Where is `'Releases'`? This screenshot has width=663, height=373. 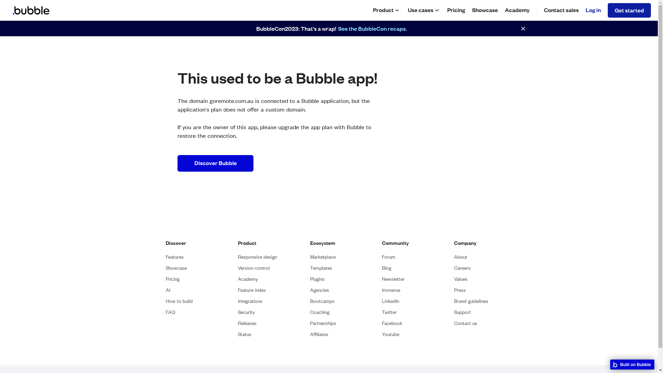
'Releases' is located at coordinates (247, 323).